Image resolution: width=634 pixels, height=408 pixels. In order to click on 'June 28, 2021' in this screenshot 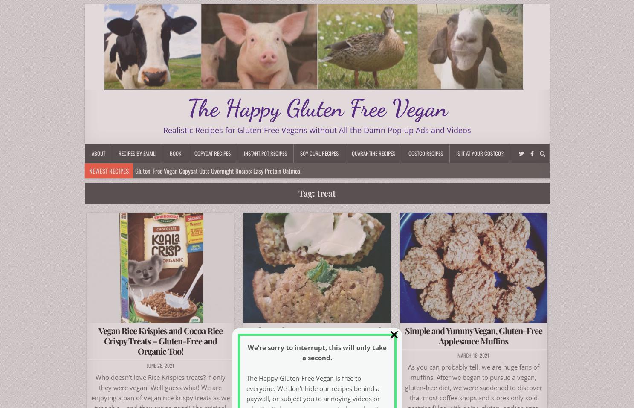, I will do `click(160, 365)`.